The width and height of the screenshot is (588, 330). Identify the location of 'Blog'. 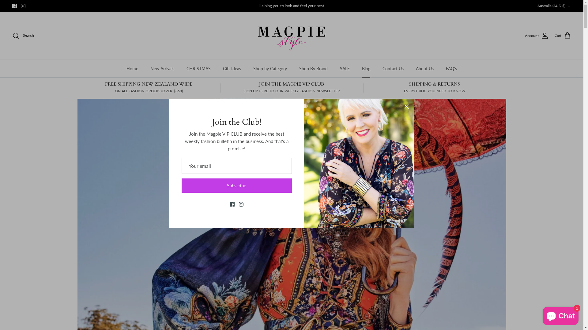
(366, 68).